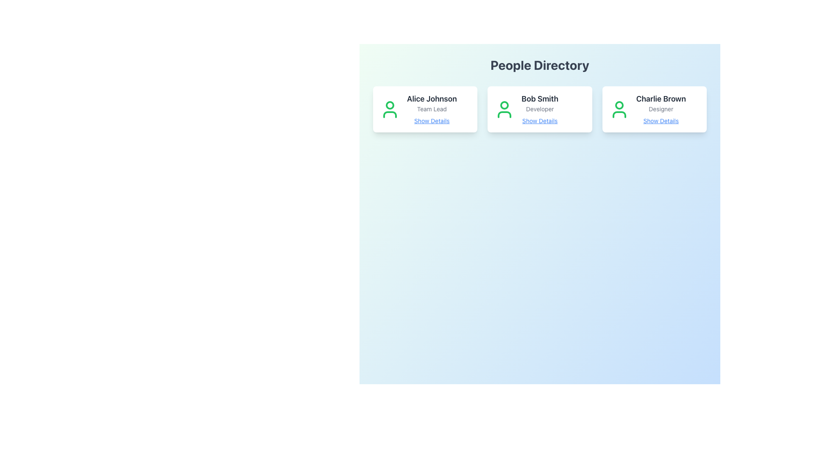 The height and width of the screenshot is (457, 814). Describe the element at coordinates (432, 121) in the screenshot. I see `the hyperlink located beneath the text 'Team Lead' and below the name 'Alice Johnson' in the leftmost profile card` at that location.